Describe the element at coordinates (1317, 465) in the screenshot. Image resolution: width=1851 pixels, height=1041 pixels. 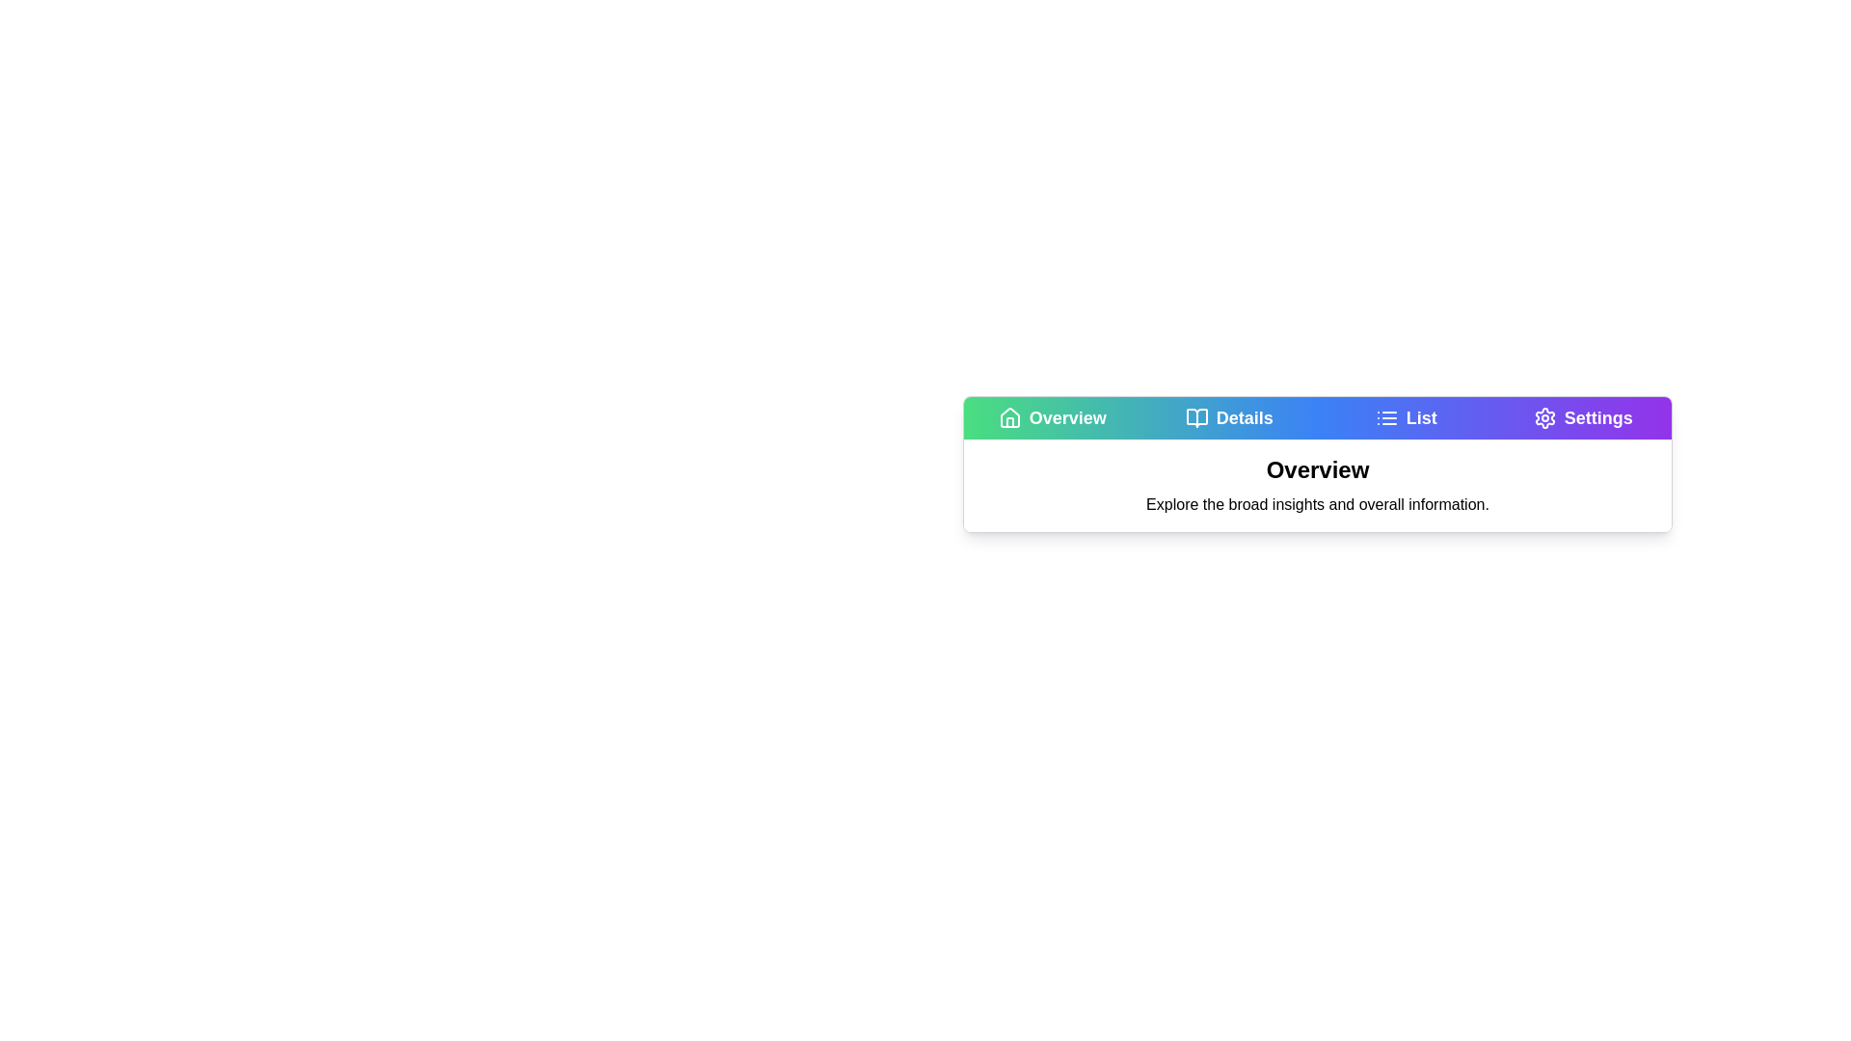
I see `the Informative Section element titled 'Overview', which contains a subtitle about broad insights, located below the navigation bar` at that location.